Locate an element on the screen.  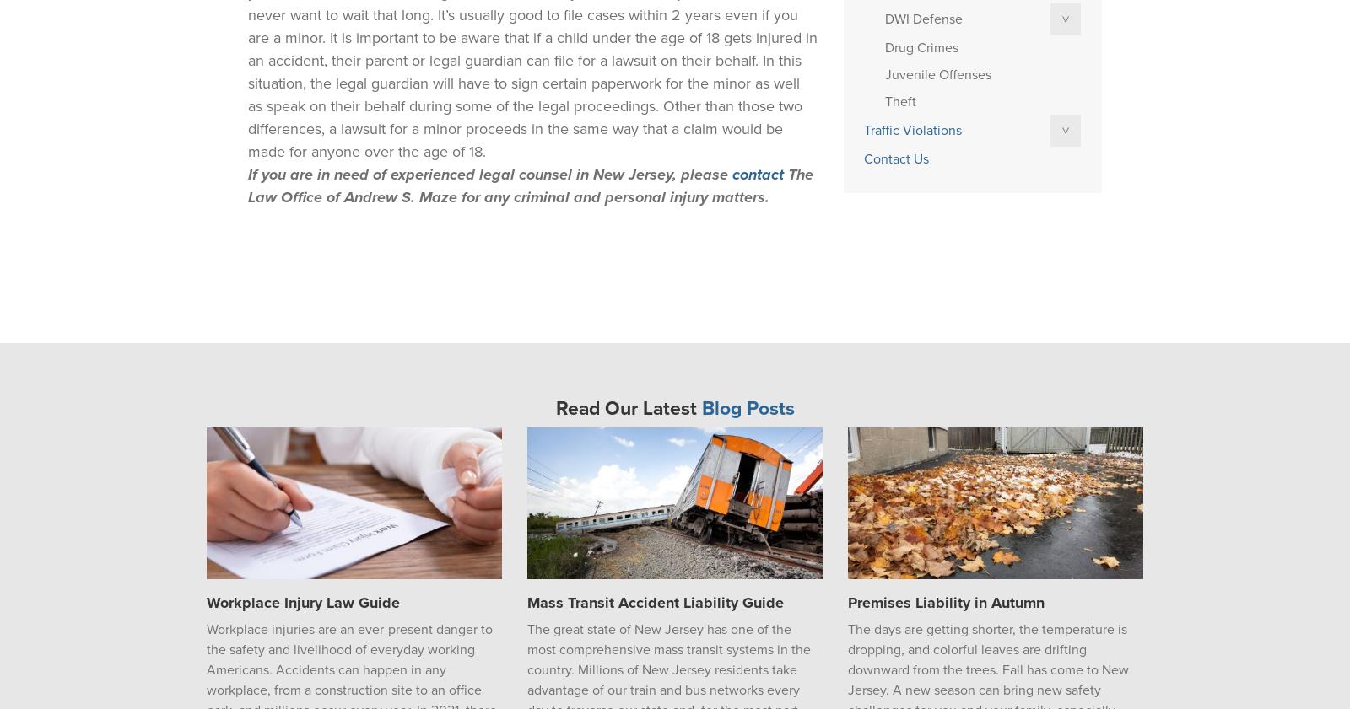
'Drug Crimes' is located at coordinates (921, 47).